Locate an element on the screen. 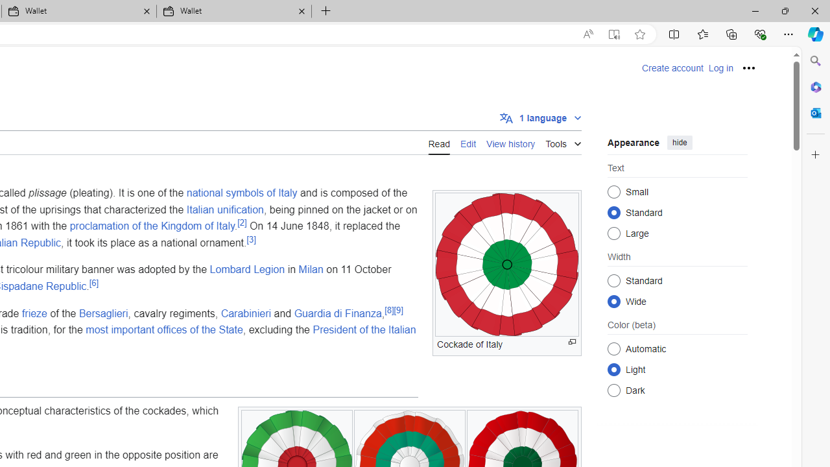 This screenshot has height=467, width=830. 'View history' is located at coordinates (510, 142).